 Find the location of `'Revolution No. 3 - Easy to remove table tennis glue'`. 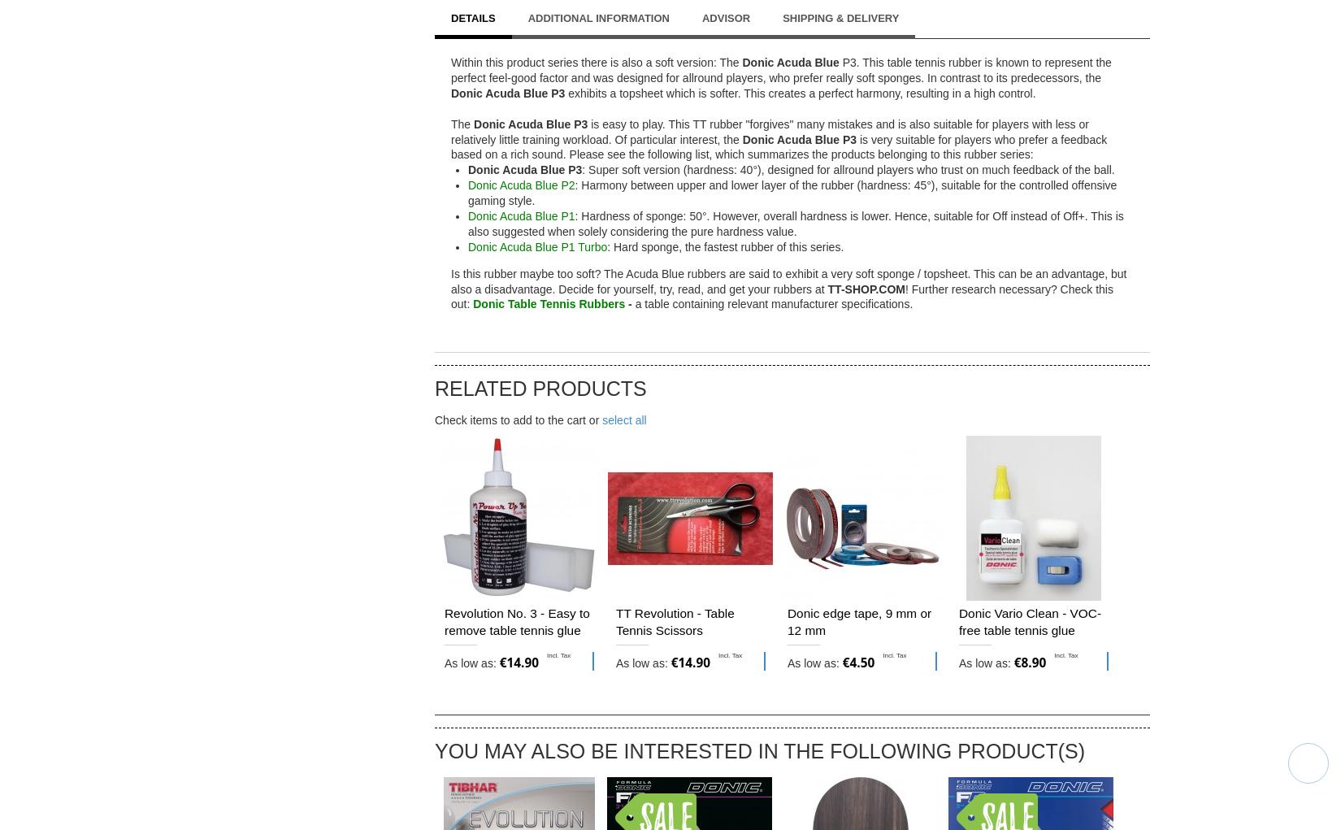

'Revolution No. 3 - Easy to remove table tennis glue' is located at coordinates (516, 622).